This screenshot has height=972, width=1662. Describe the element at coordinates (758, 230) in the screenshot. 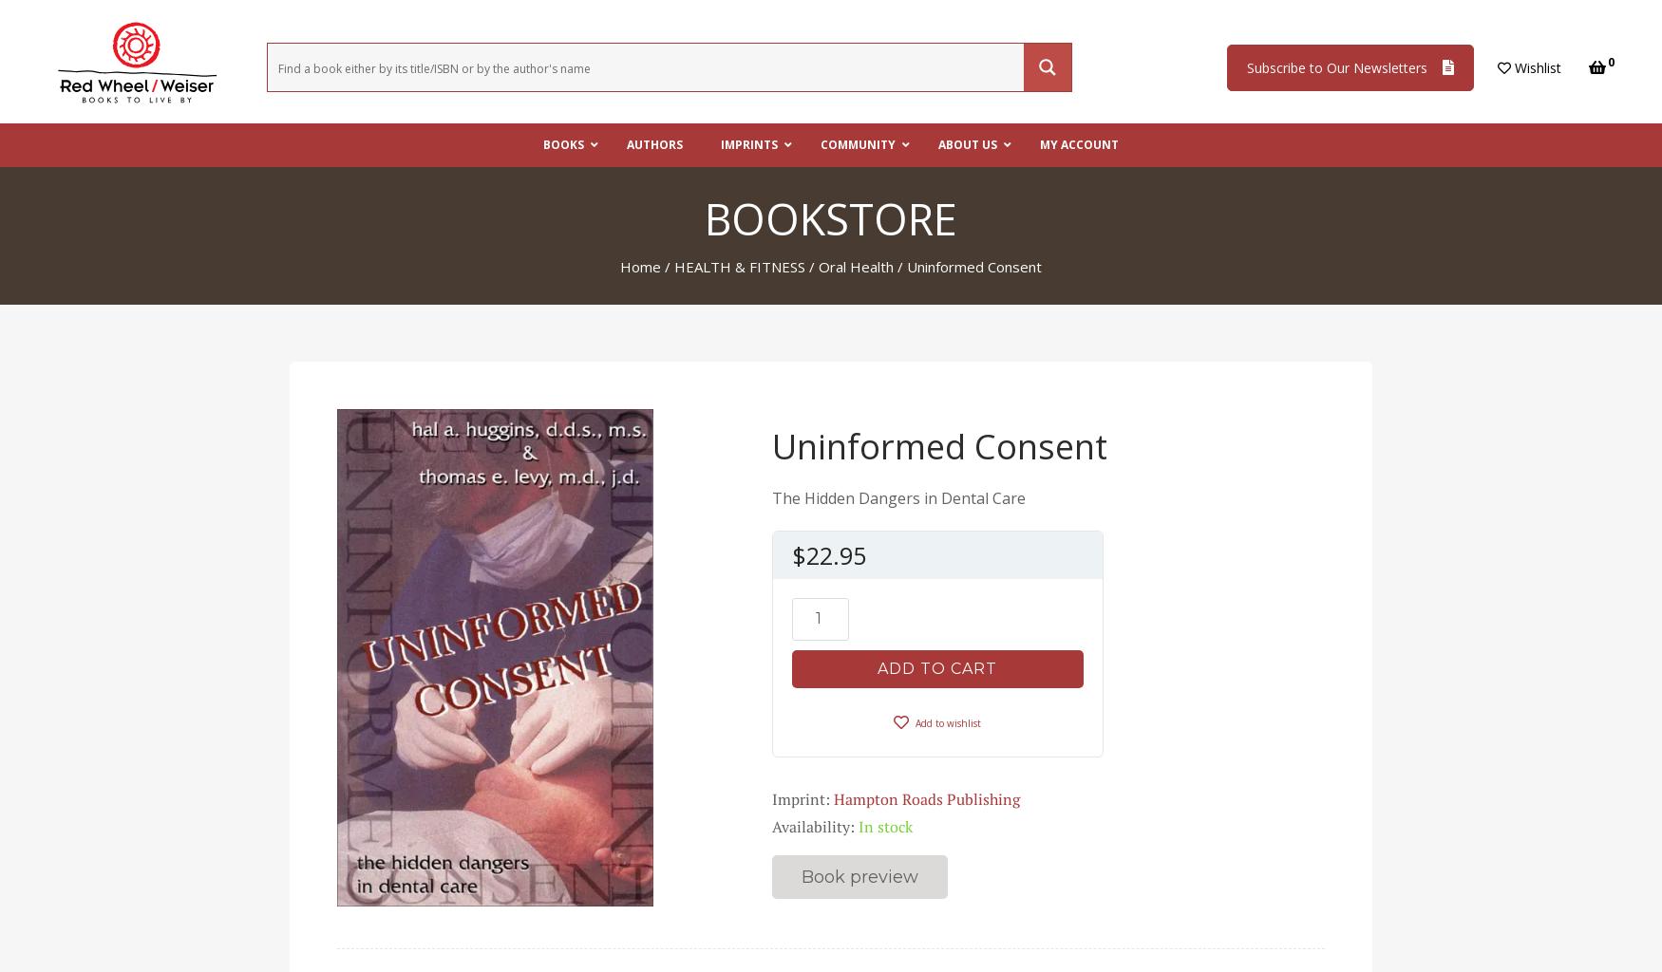

I see `'Weiser Books'` at that location.